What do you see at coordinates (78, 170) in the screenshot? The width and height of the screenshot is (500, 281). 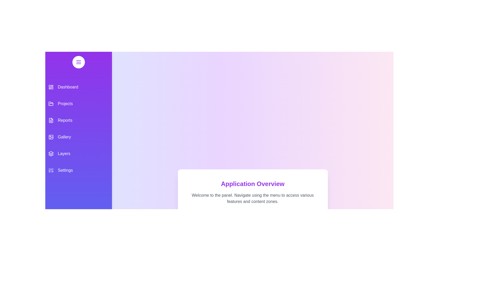 I see `the menu item corresponding to Settings` at bounding box center [78, 170].